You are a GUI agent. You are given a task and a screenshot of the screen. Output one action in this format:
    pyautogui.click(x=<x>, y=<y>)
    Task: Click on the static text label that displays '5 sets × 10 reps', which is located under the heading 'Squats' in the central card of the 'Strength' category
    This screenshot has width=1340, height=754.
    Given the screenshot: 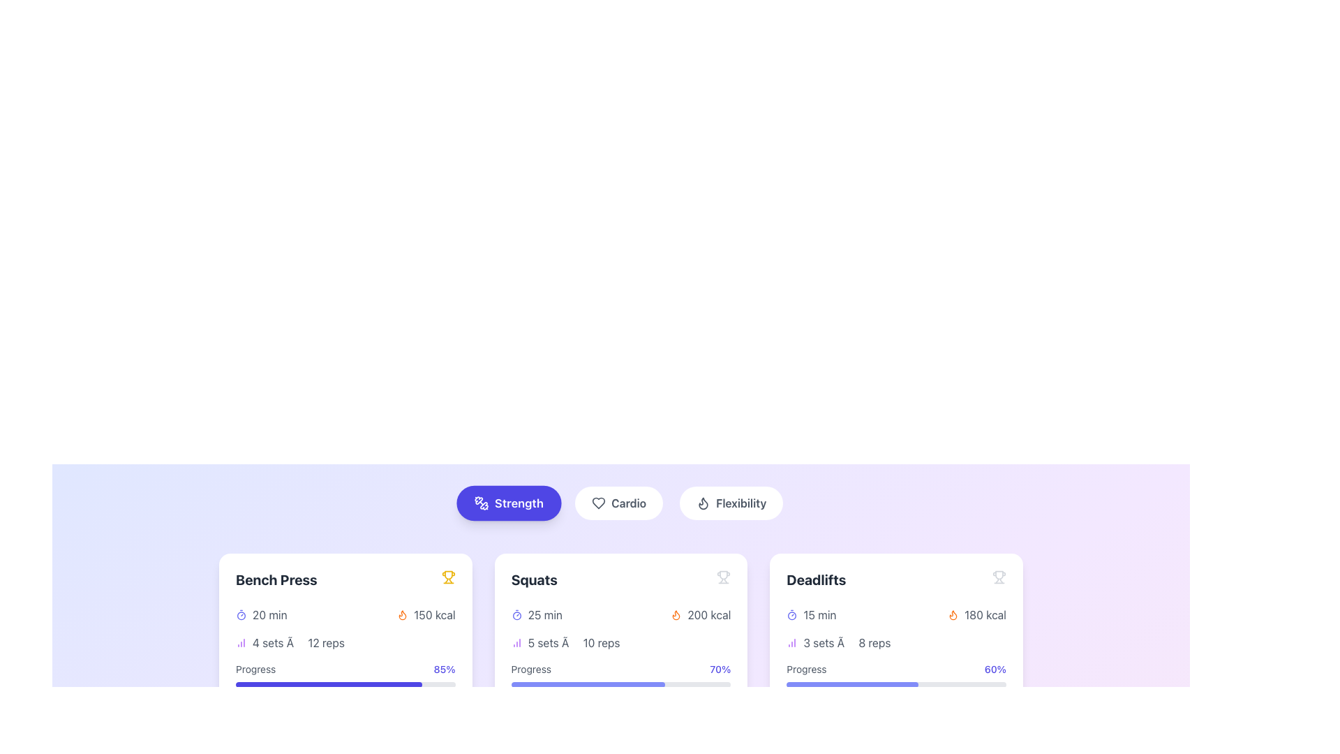 What is the action you would take?
    pyautogui.click(x=574, y=643)
    